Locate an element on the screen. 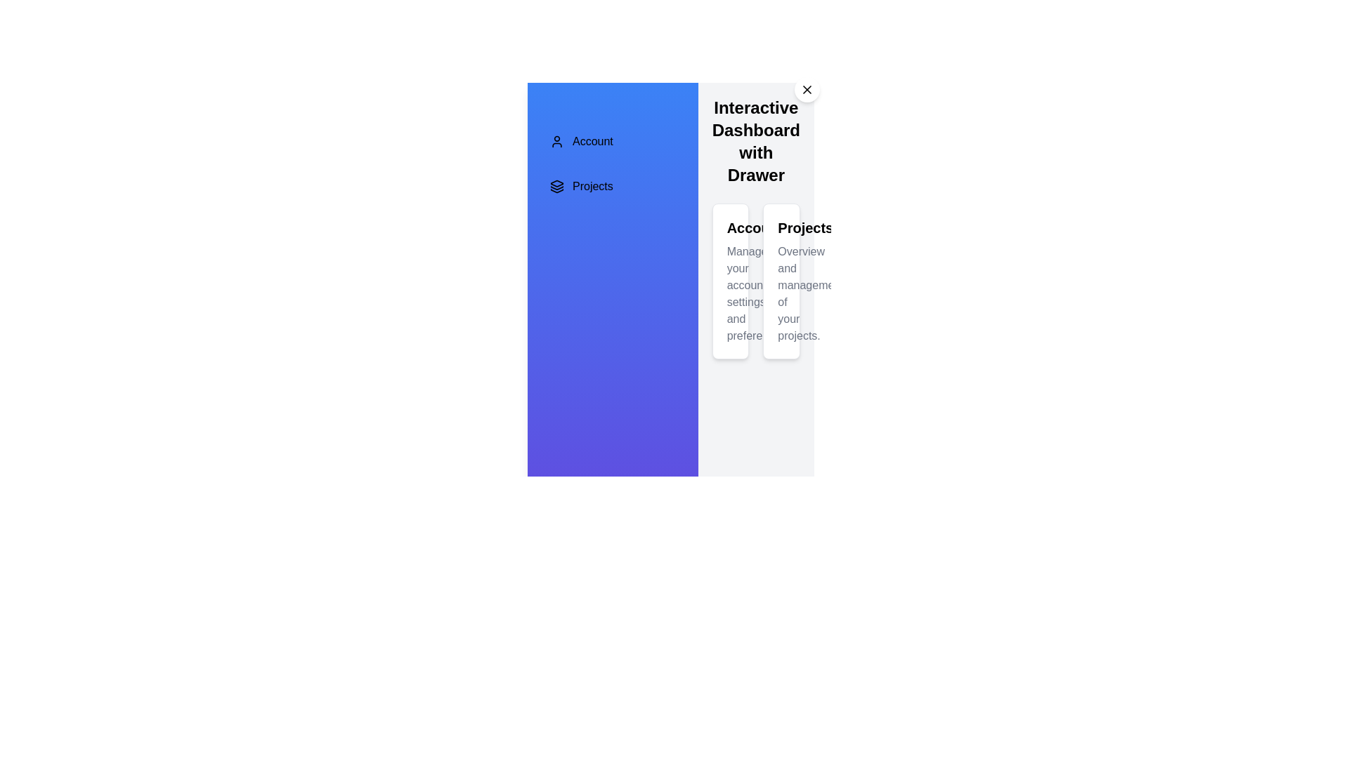 The height and width of the screenshot is (758, 1349). the menu item Account to select it is located at coordinates (613, 141).